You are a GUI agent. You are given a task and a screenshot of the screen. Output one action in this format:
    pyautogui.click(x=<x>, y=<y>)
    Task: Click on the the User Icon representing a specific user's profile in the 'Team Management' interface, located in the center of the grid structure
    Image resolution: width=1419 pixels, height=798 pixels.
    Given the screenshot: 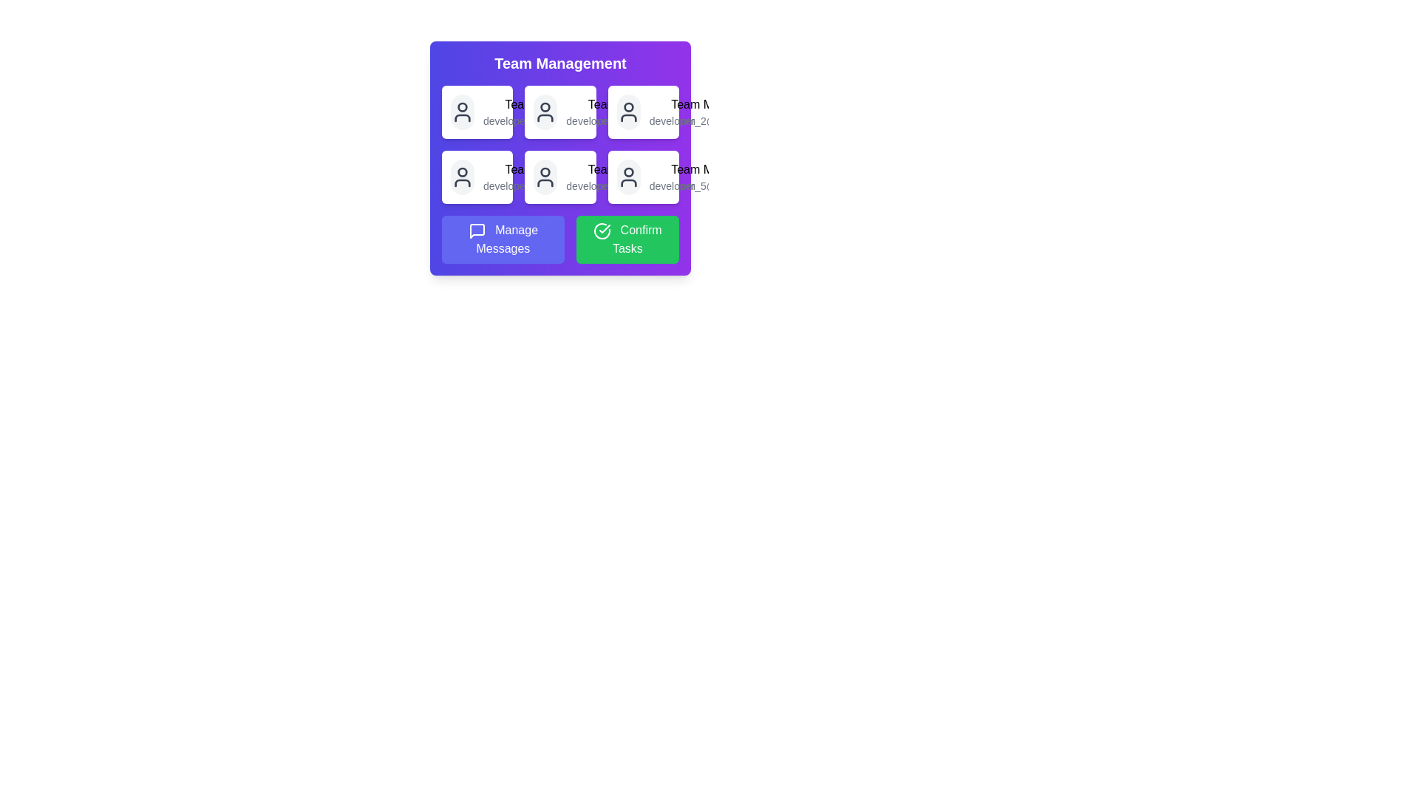 What is the action you would take?
    pyautogui.click(x=545, y=111)
    